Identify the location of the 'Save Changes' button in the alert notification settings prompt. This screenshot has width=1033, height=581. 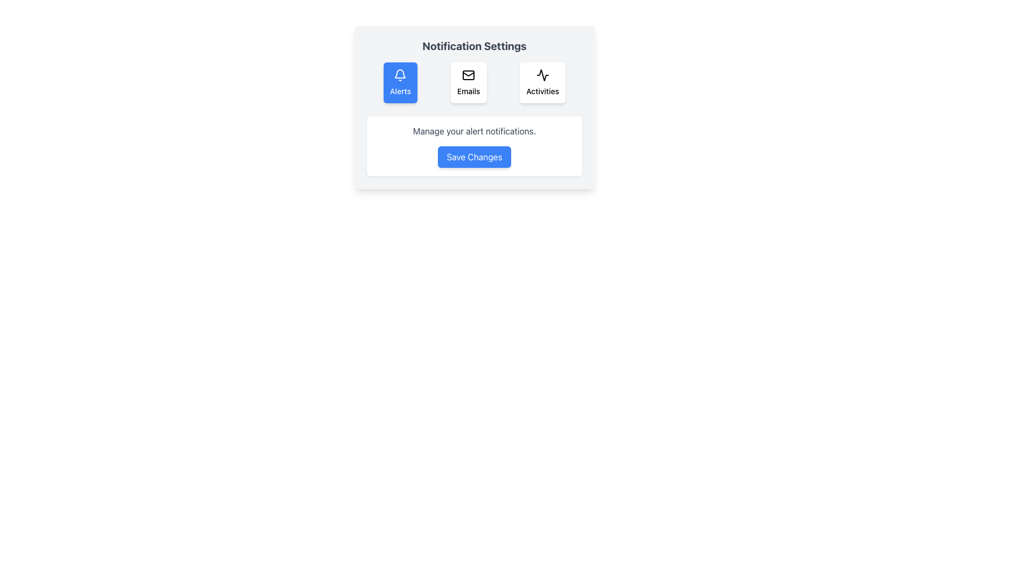
(474, 146).